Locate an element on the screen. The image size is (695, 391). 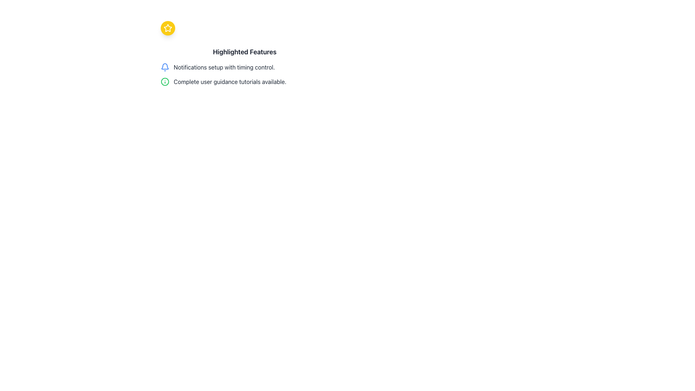
text label providing information about user guidance tutorials, located below 'Notifications setup with timing control.' and to the right of a circular green icon with an 'i' is located at coordinates (229, 81).